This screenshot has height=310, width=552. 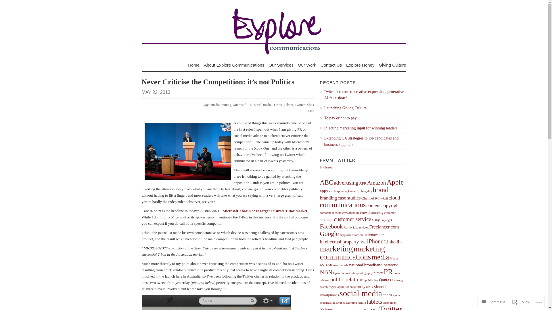 I want to click on 'T-Box', so click(x=277, y=105).